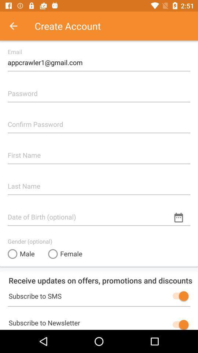  Describe the element at coordinates (99, 121) in the screenshot. I see `type aver password` at that location.